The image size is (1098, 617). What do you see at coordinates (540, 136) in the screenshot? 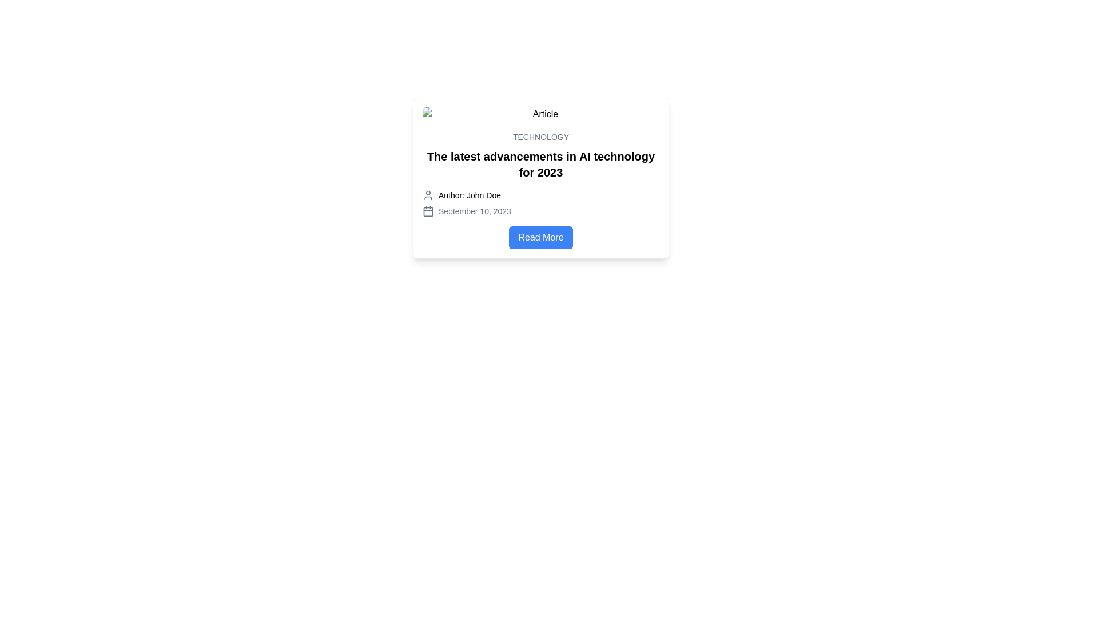
I see `the text label that serves as a tag or category indicator for the article content, which is positioned between the header image and the main title of the article` at bounding box center [540, 136].